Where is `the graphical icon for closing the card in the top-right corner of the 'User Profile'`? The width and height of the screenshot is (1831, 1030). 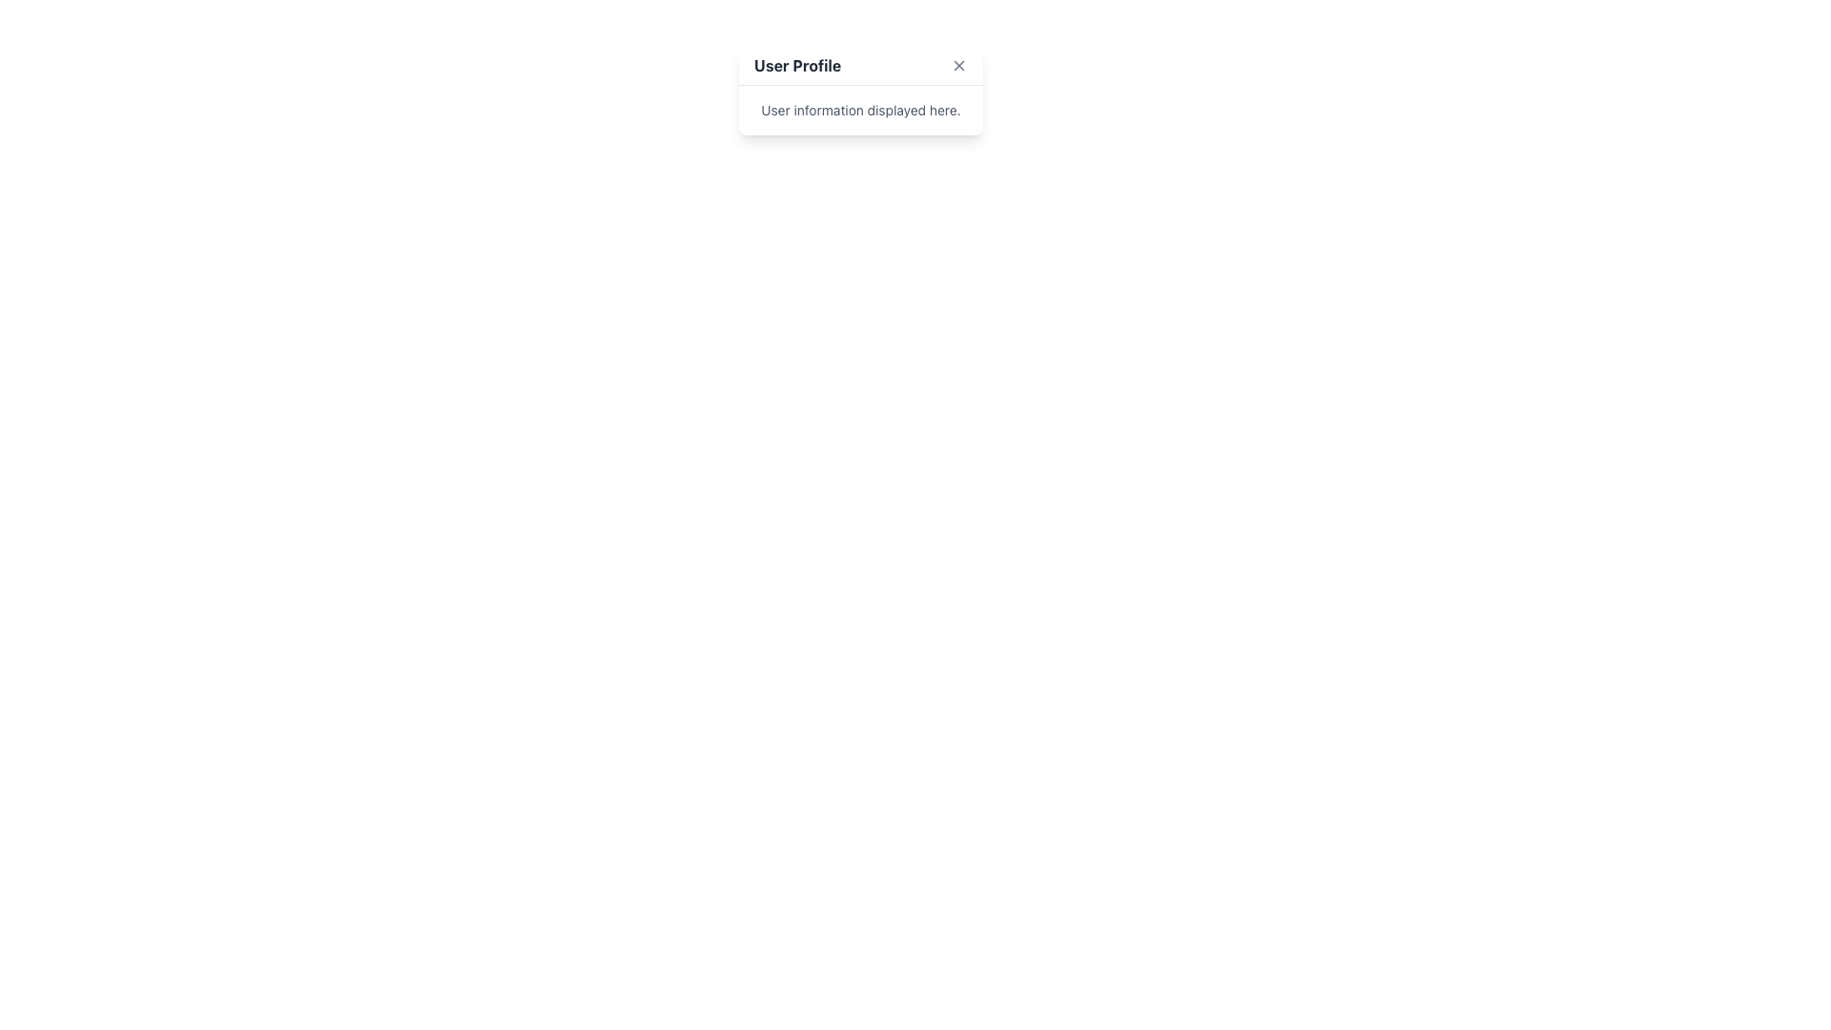
the graphical icon for closing the card in the top-right corner of the 'User Profile' is located at coordinates (959, 64).